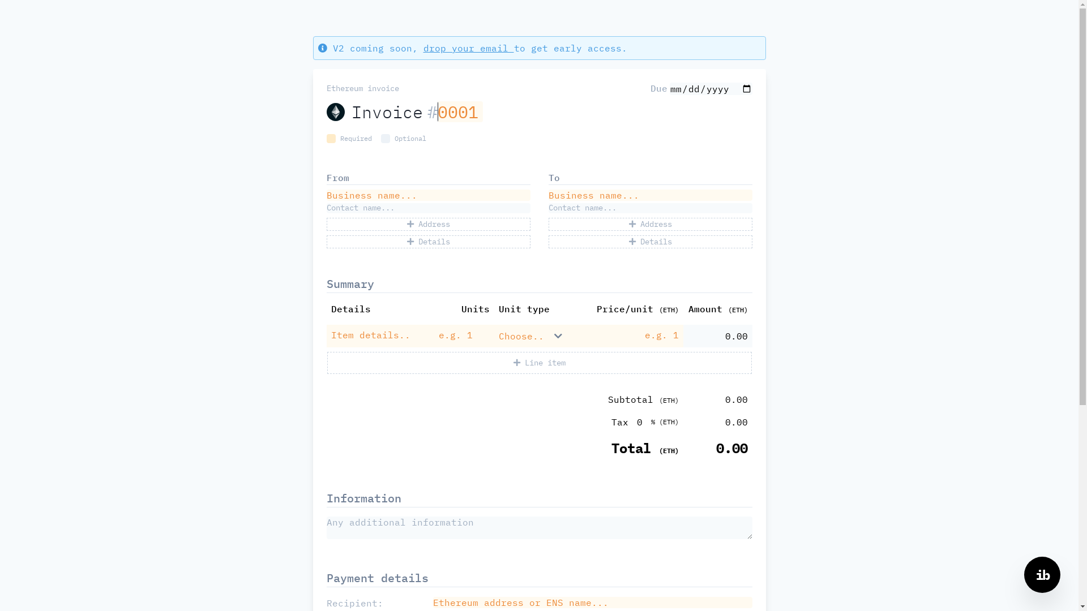 The height and width of the screenshot is (611, 1087). I want to click on 'drop your email', so click(469, 47).